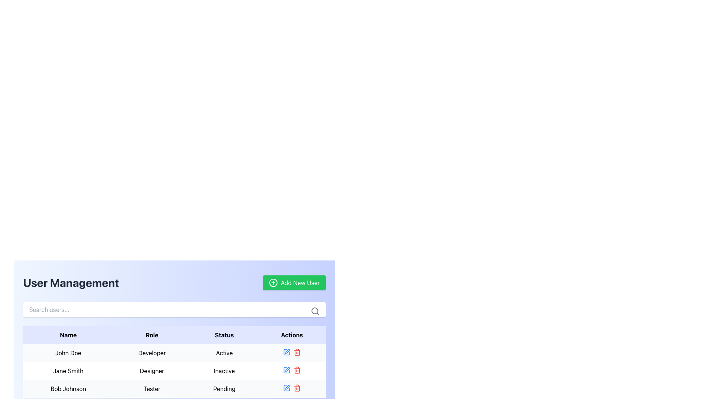 The height and width of the screenshot is (403, 718). I want to click on the editing icon for 'Bob Johnson' in the Actions column, so click(287, 387).